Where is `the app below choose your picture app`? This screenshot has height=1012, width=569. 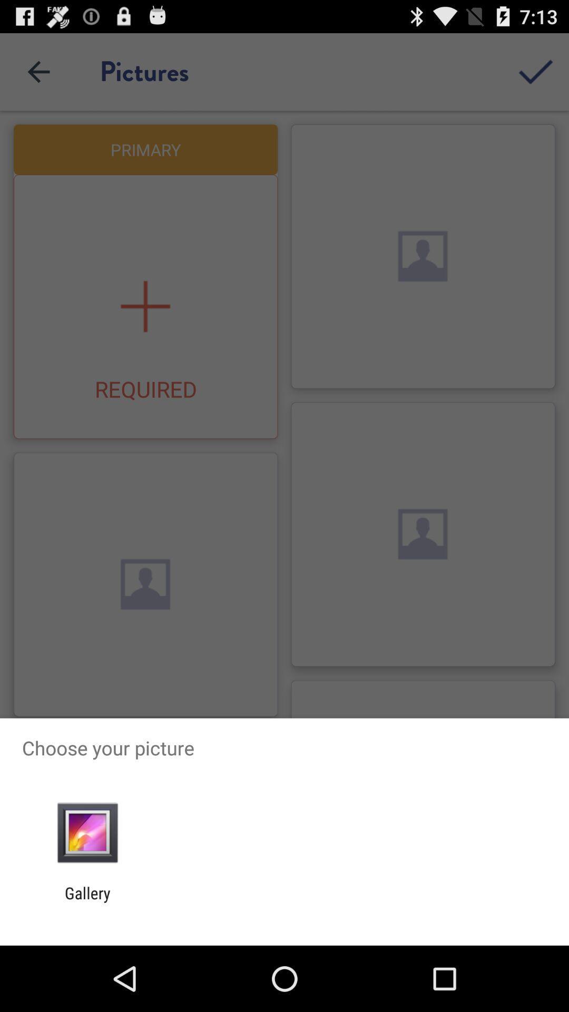 the app below choose your picture app is located at coordinates (87, 832).